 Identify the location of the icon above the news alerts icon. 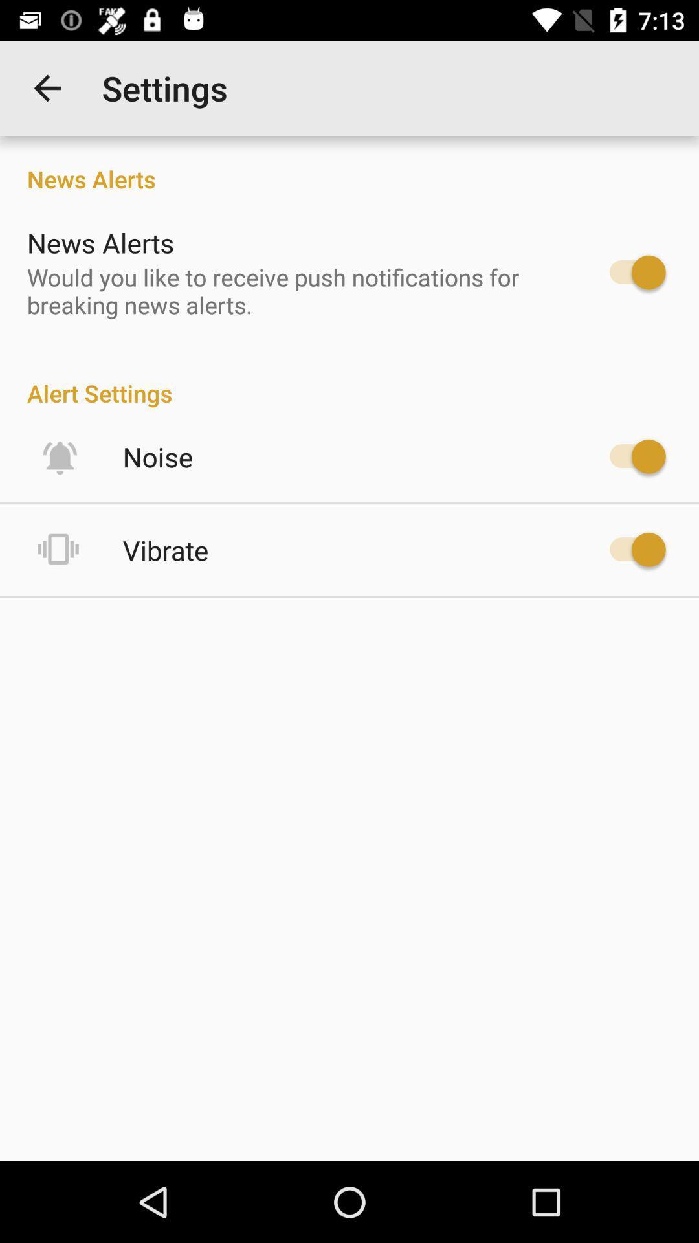
(47, 87).